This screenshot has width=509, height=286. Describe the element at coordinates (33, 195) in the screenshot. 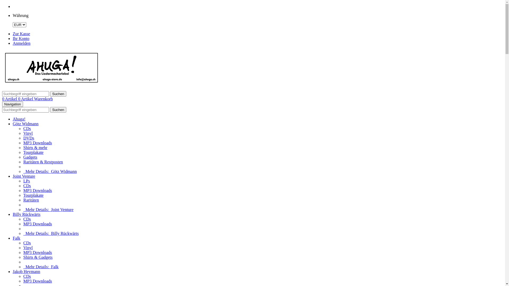

I see `'Tourplakate'` at that location.